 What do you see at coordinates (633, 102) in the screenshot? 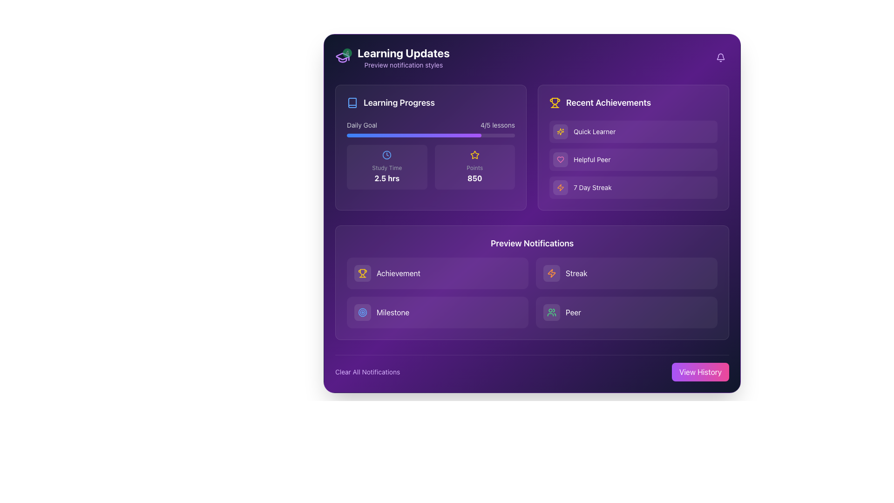
I see `the header text with an accompanying icon that labels the achievements section, positioned at the top-center of the right panel` at bounding box center [633, 102].